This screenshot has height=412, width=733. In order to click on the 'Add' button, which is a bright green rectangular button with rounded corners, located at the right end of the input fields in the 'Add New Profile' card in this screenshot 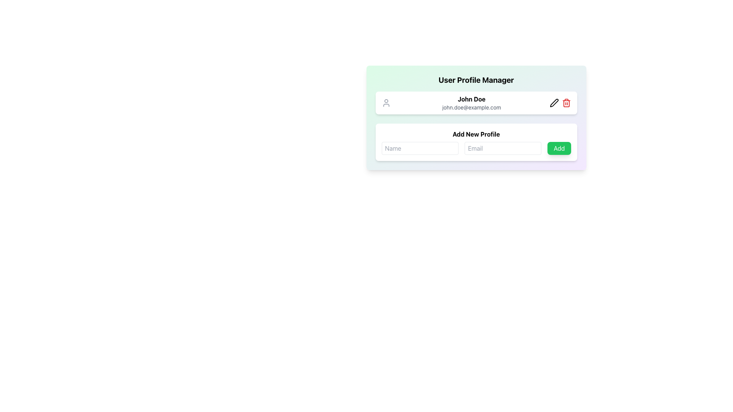, I will do `click(559, 148)`.